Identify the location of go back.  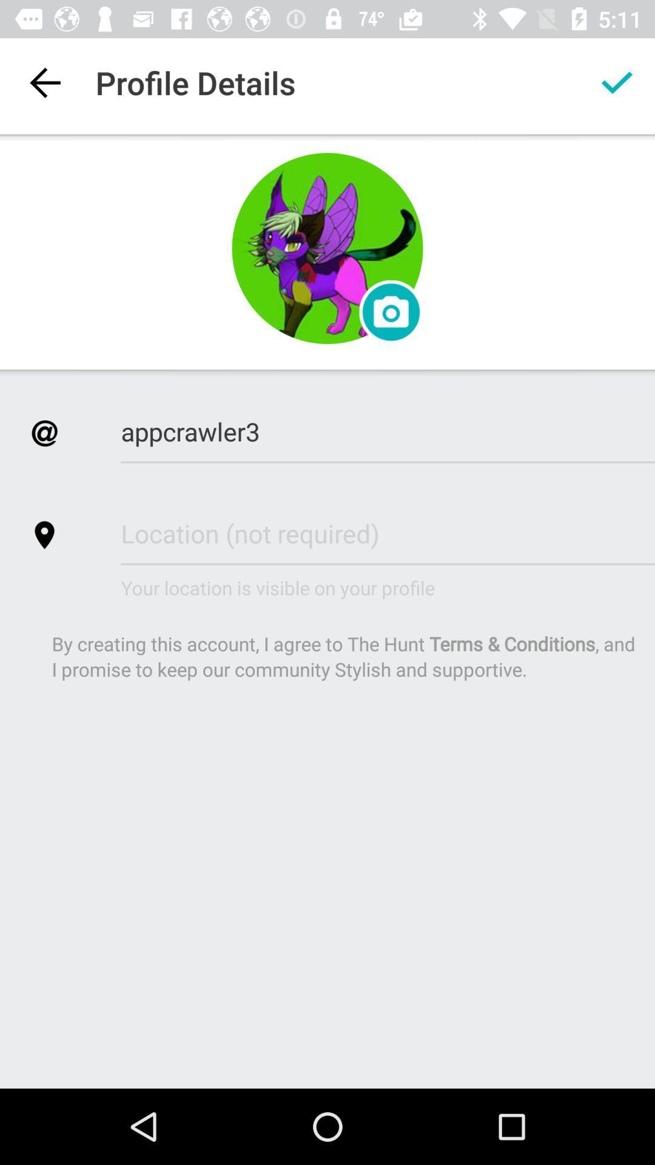
(44, 82).